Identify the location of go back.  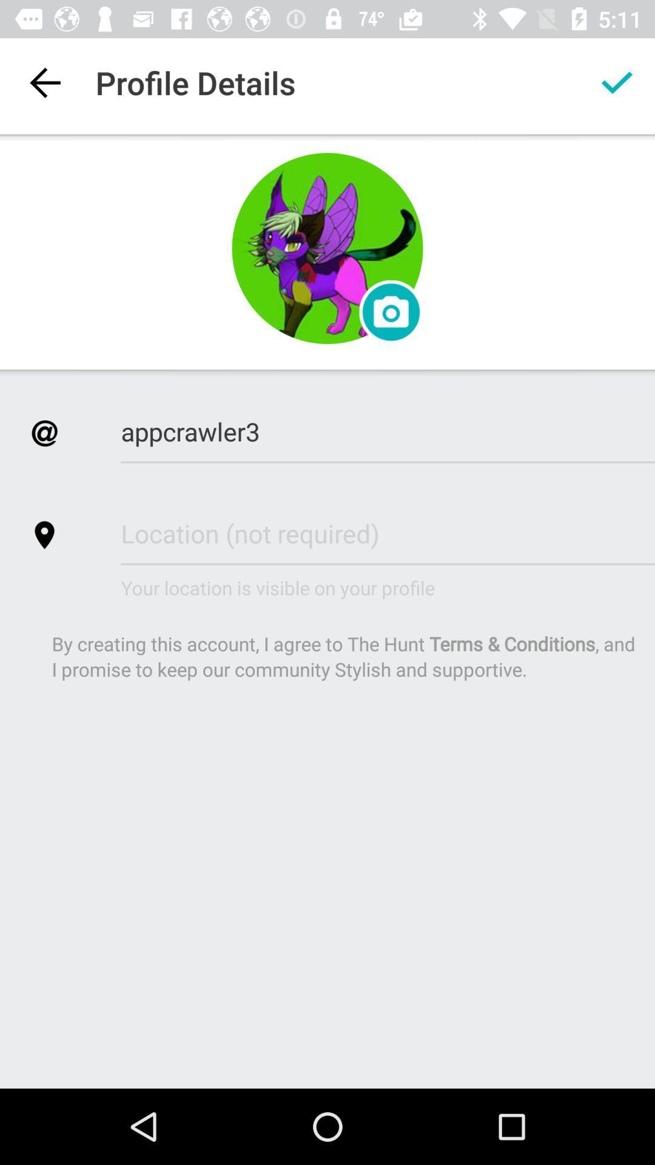
(44, 82).